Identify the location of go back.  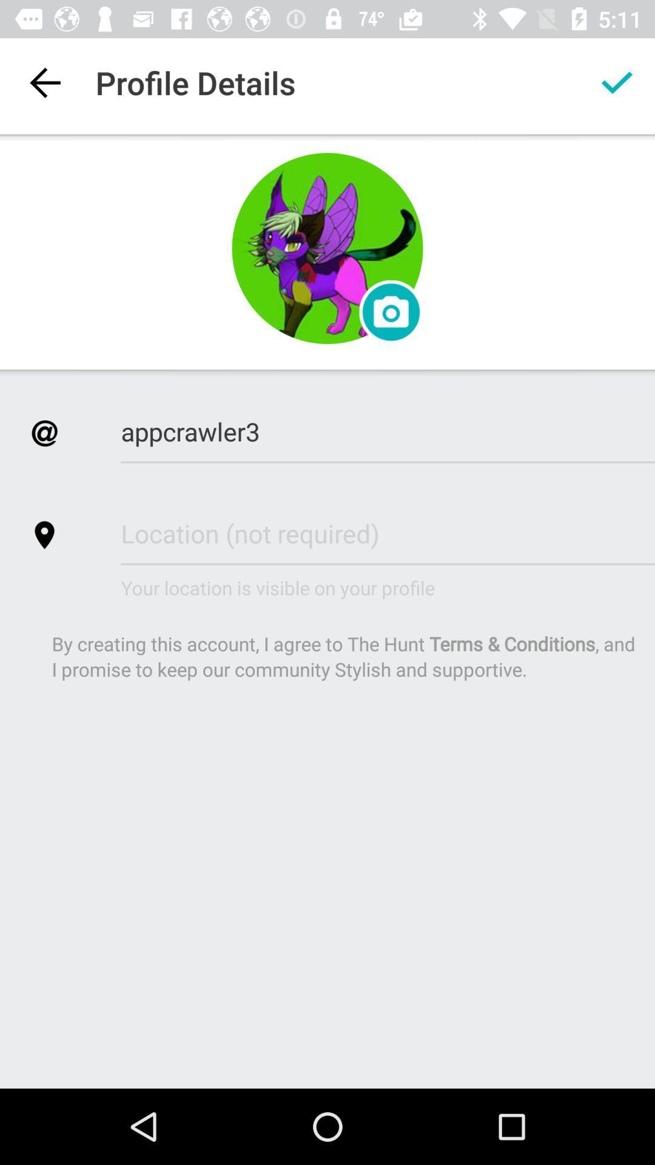
(44, 82).